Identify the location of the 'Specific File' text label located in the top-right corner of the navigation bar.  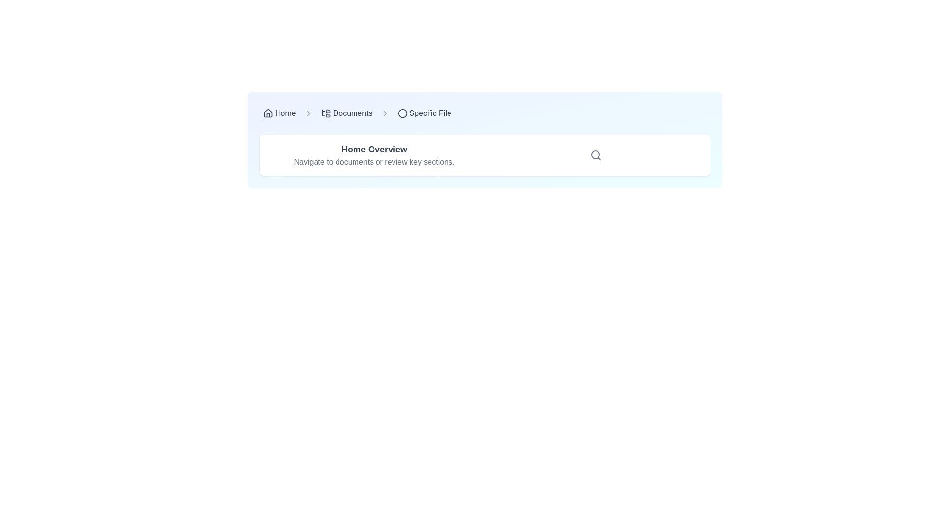
(430, 113).